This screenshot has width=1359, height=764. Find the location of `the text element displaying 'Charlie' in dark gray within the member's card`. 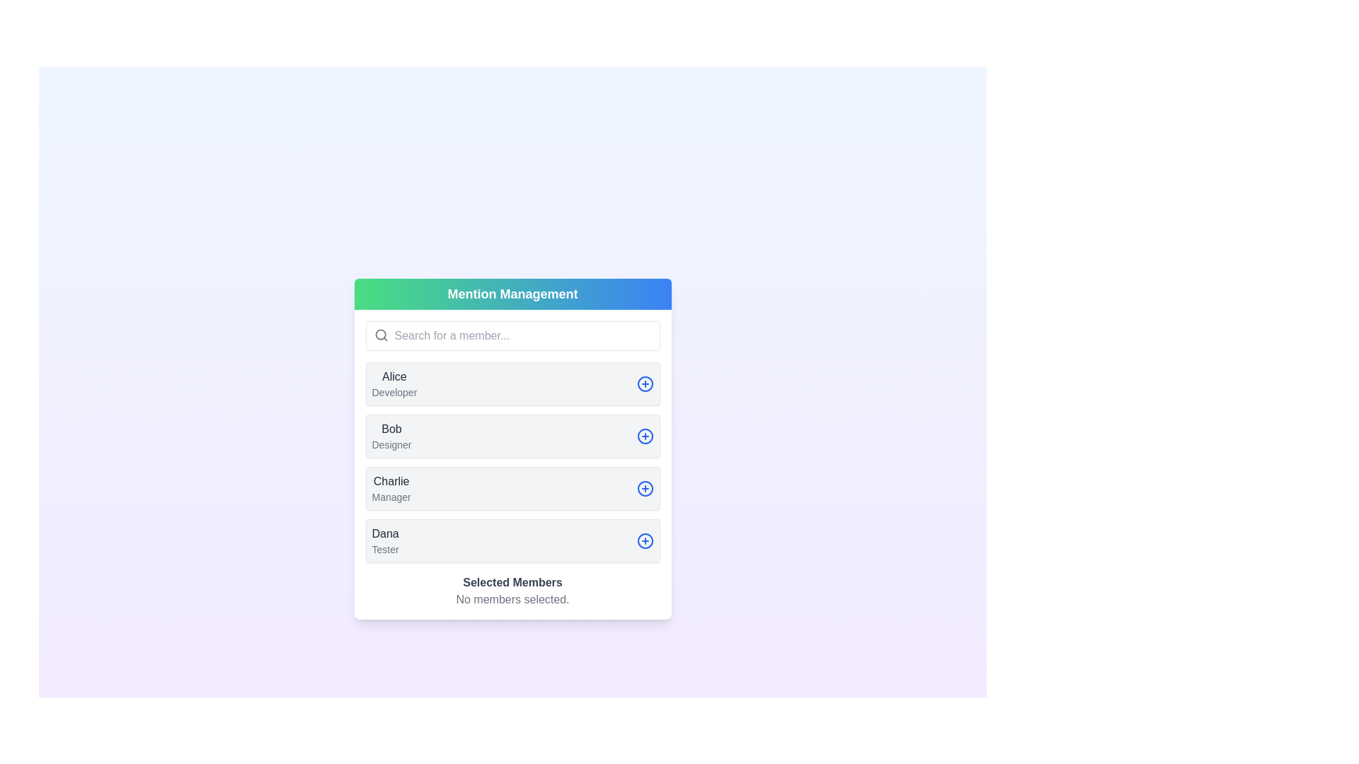

the text element displaying 'Charlie' in dark gray within the member's card is located at coordinates (391, 481).